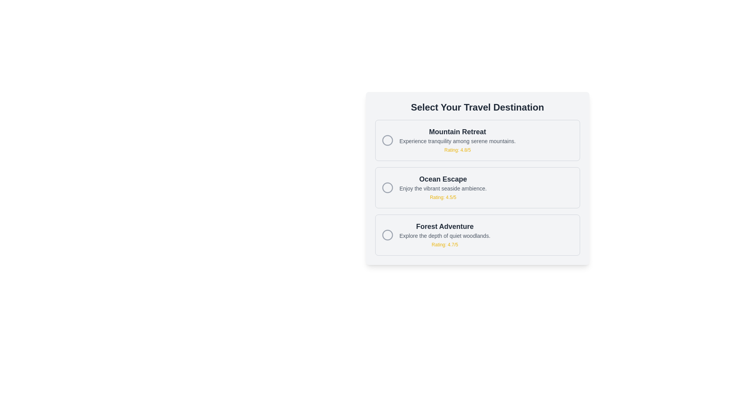 The image size is (745, 419). What do you see at coordinates (387, 140) in the screenshot?
I see `the inner circle element rendered within an SVG structure, which is located to the left of the text 'Mountain Retreat' in the first option row of the multi-choice layout under the heading 'Select Your Travel Destination'` at bounding box center [387, 140].